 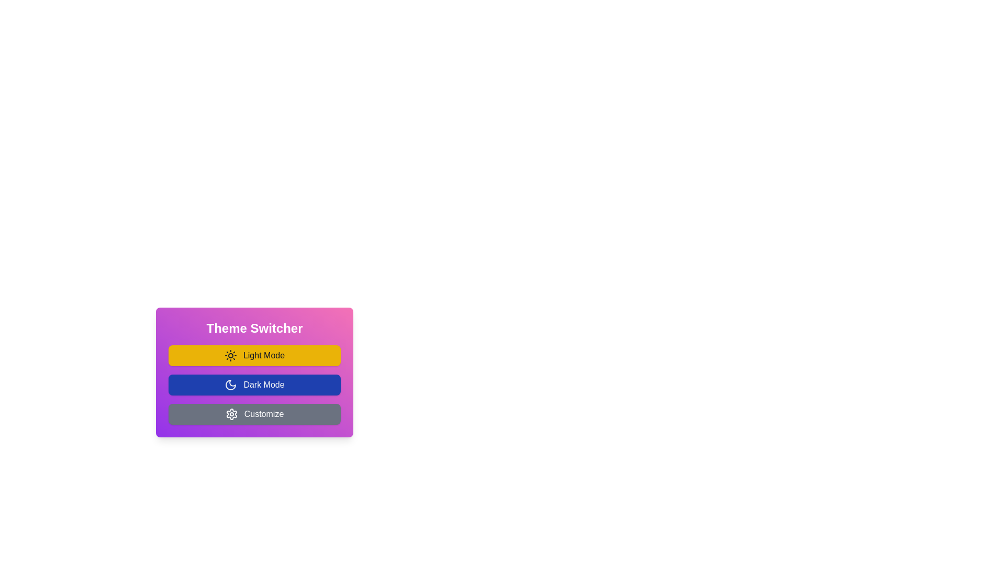 What do you see at coordinates (264, 385) in the screenshot?
I see `the text label indicating the purpose of the dark mode button, which is centered within the second button of the vertical list of theme options` at bounding box center [264, 385].